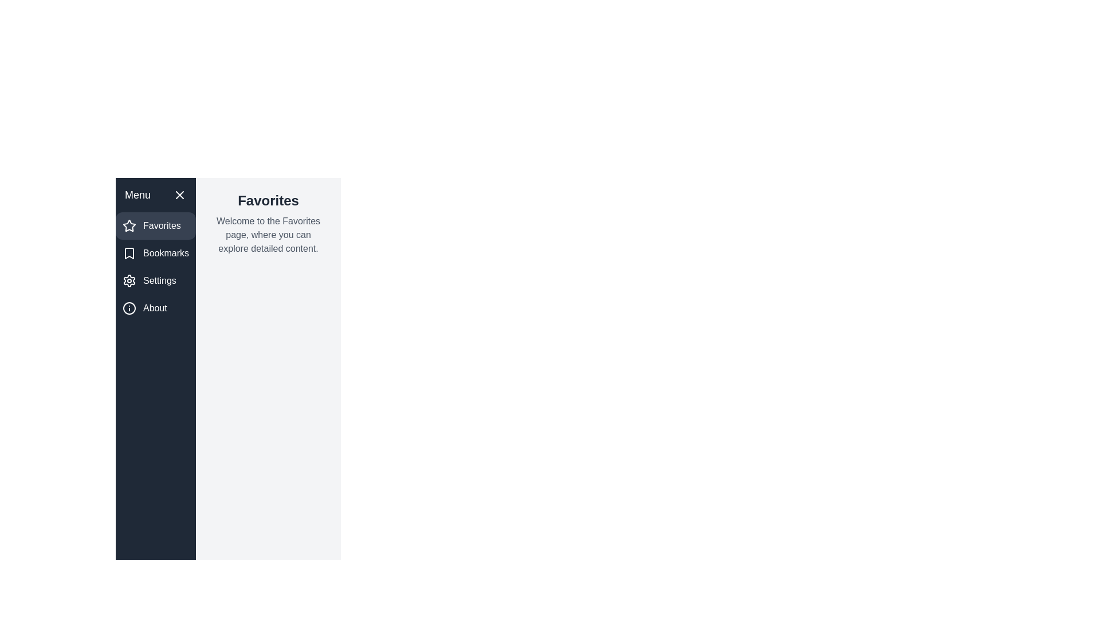 This screenshot has height=618, width=1100. I want to click on the second option in the vertical list within the left sidebar menu, so click(155, 253).